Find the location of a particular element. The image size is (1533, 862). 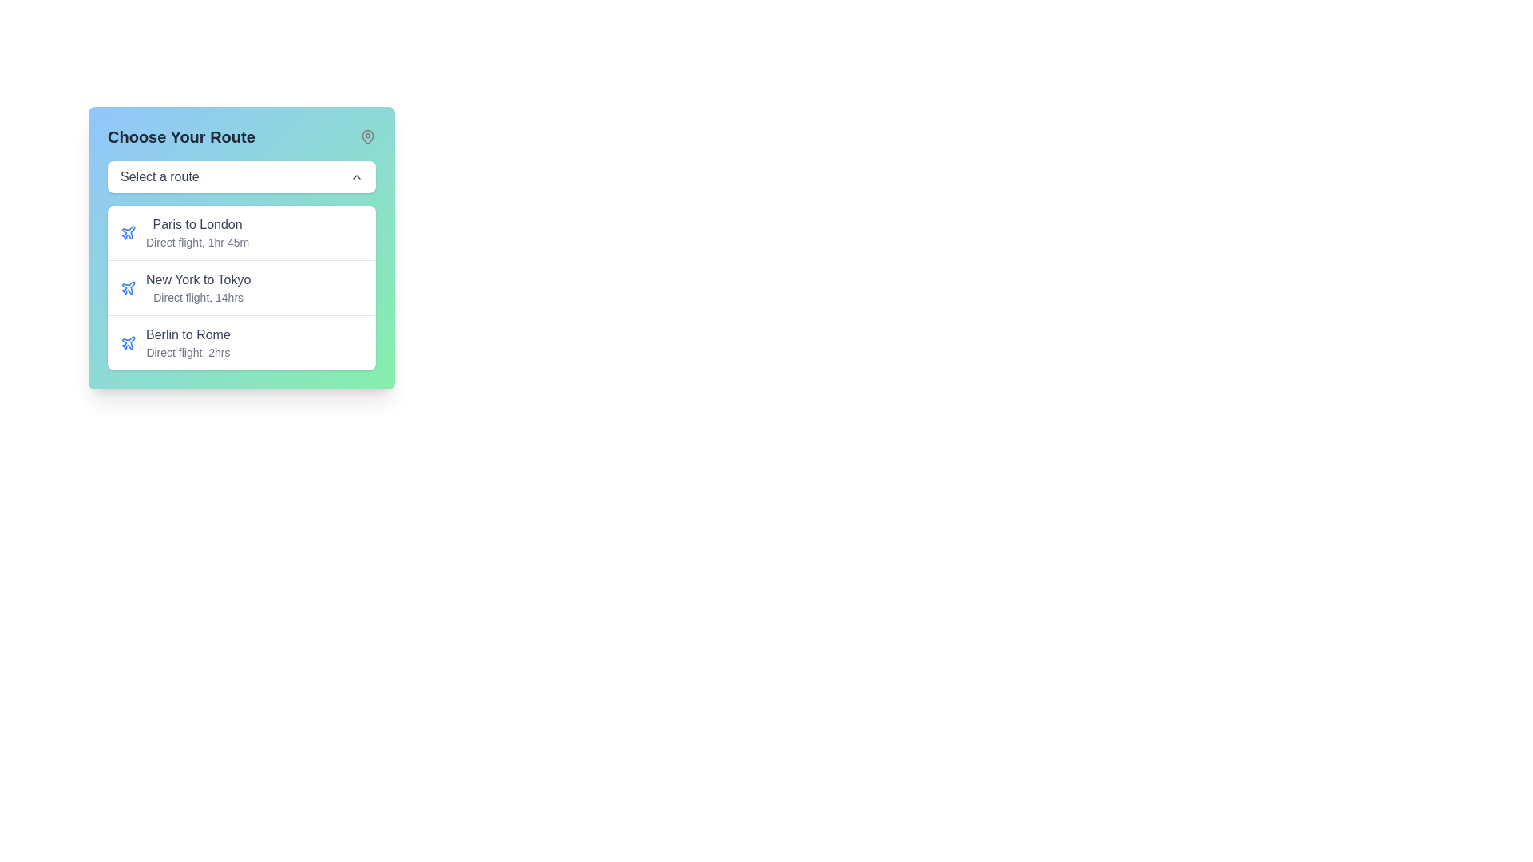

the third list item which displays the route 'Berlin to Rome' is located at coordinates (175, 342).